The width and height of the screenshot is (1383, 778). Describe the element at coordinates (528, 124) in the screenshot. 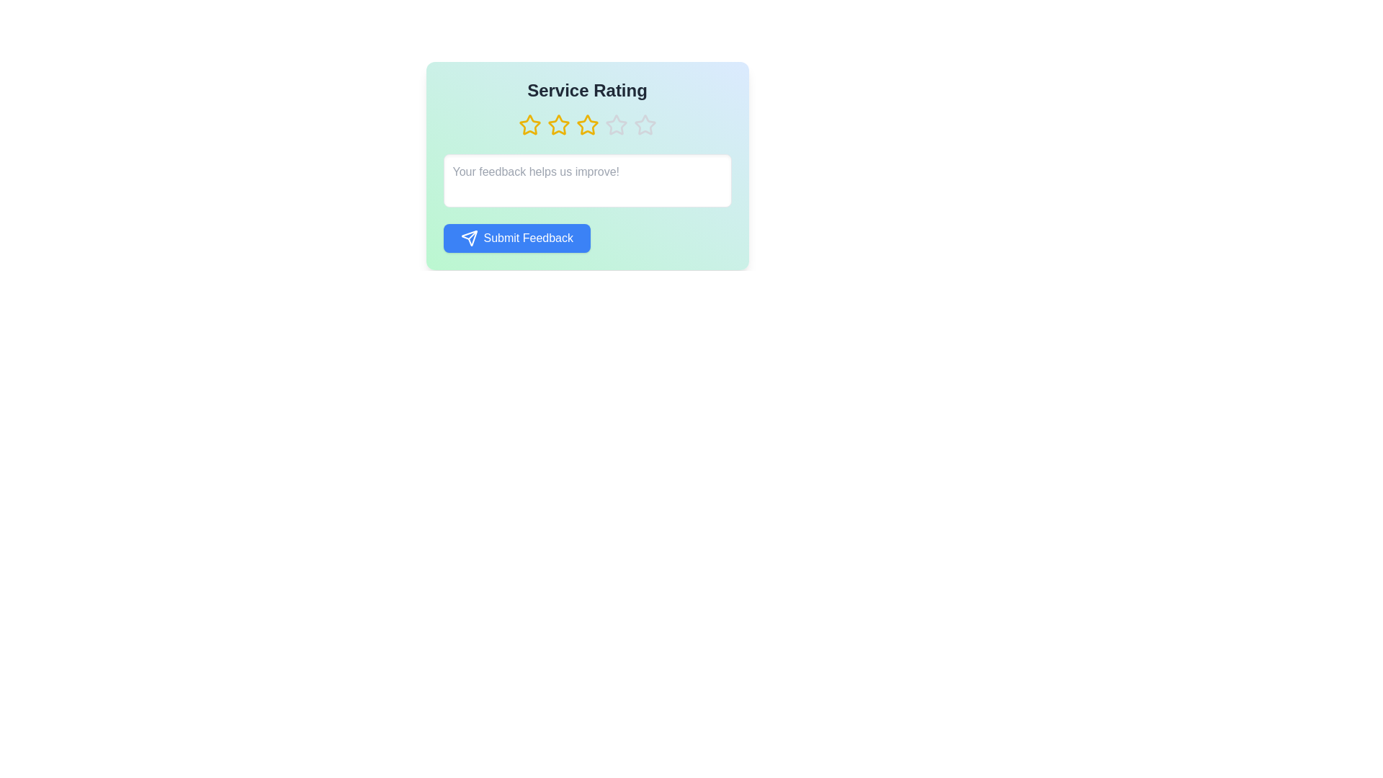

I see `the first star rating icon` at that location.